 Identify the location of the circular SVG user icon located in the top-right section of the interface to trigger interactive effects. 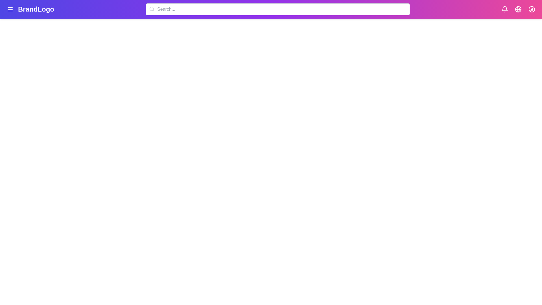
(531, 9).